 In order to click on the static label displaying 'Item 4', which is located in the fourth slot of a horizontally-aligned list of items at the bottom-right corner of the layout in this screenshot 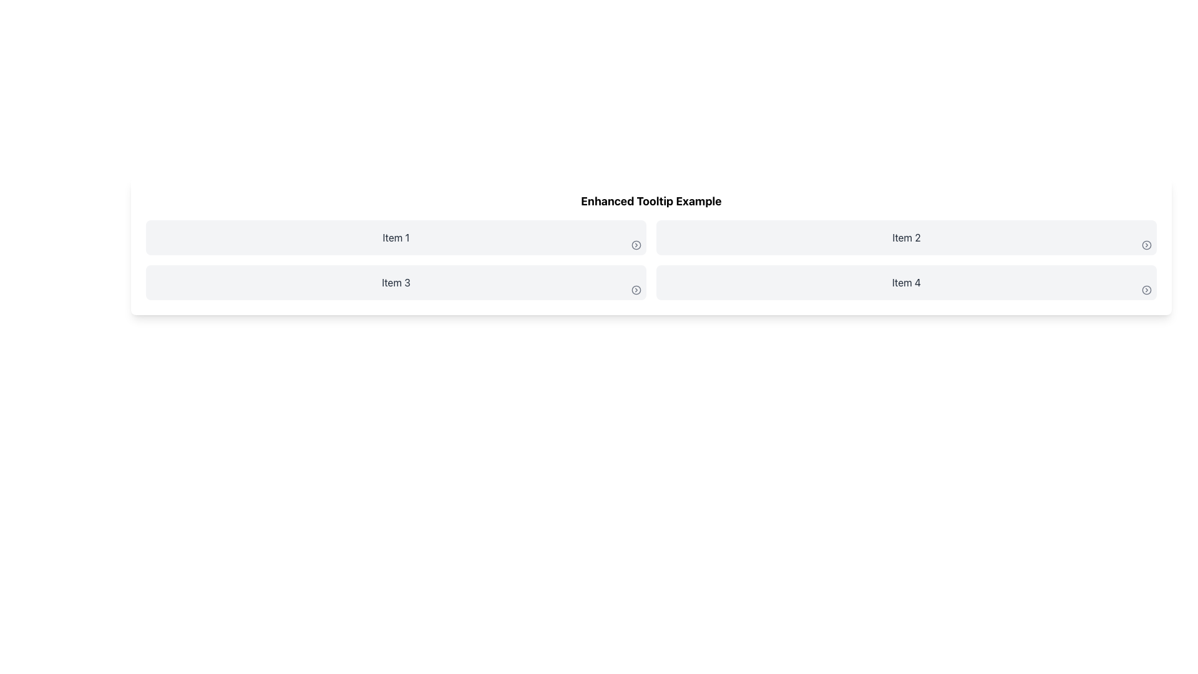, I will do `click(907, 282)`.